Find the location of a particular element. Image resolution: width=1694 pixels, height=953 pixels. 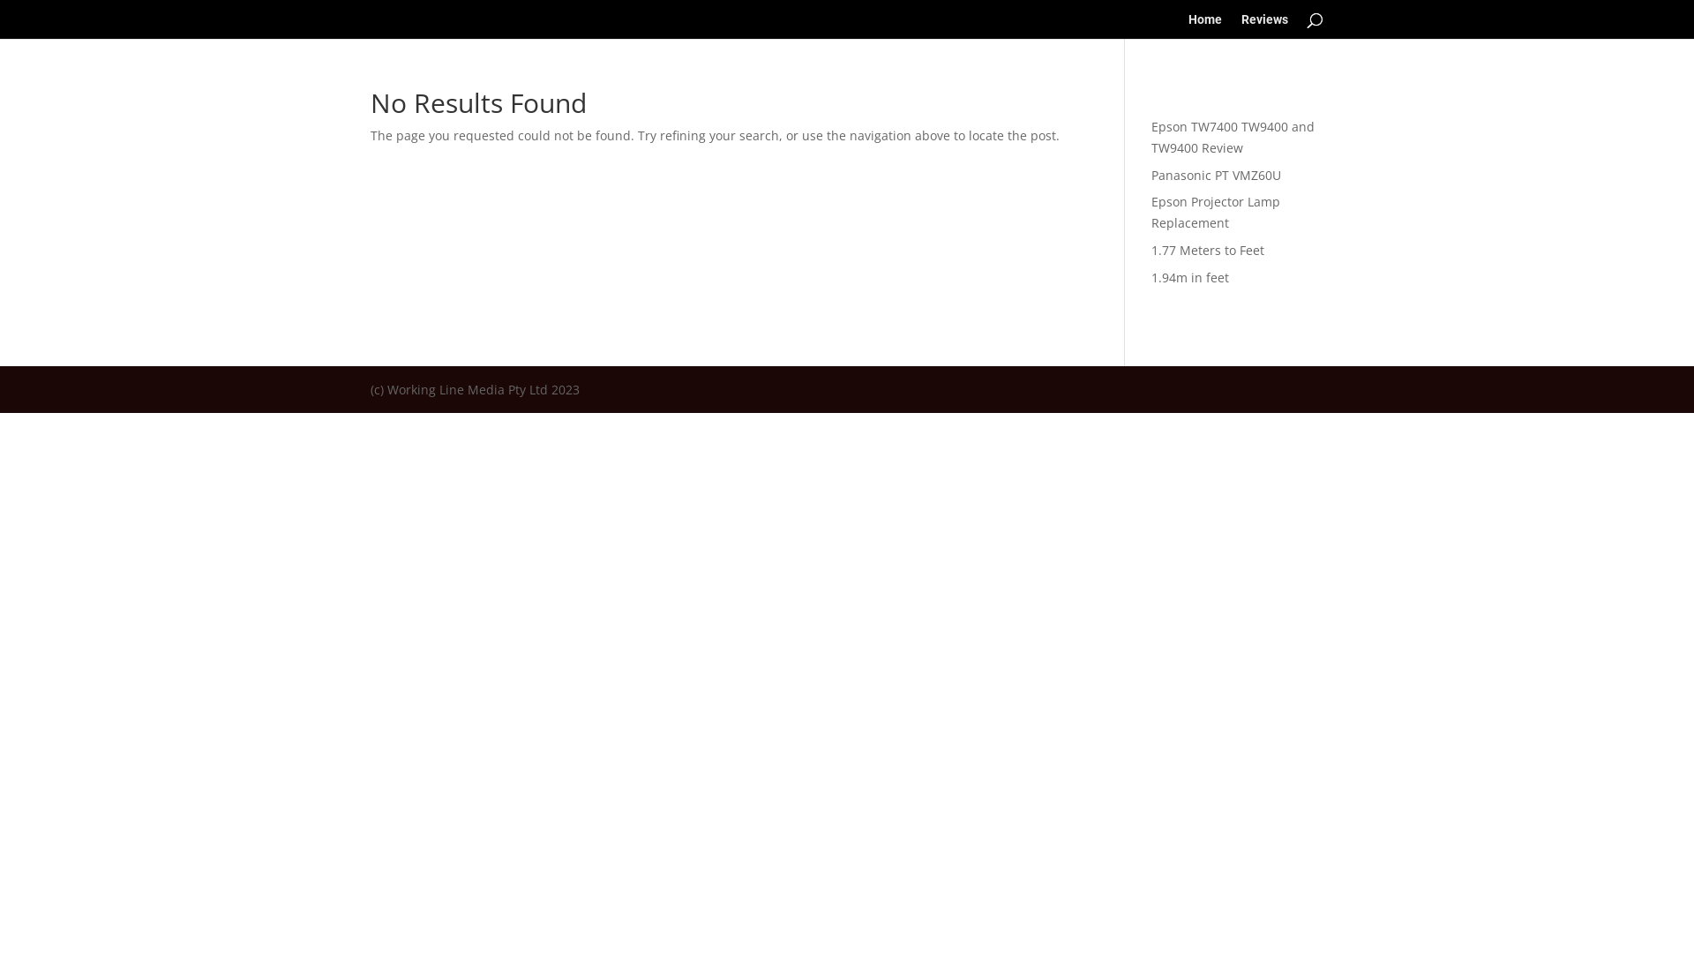

'Reviews' is located at coordinates (1240, 26).